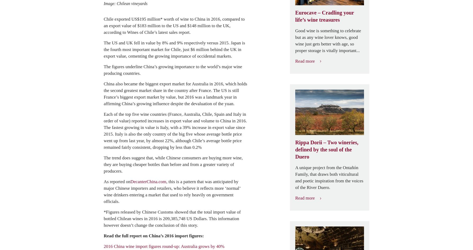  What do you see at coordinates (164, 246) in the screenshot?
I see `'2016 China wine import figures round-up: Australia grows by 40%'` at bounding box center [164, 246].